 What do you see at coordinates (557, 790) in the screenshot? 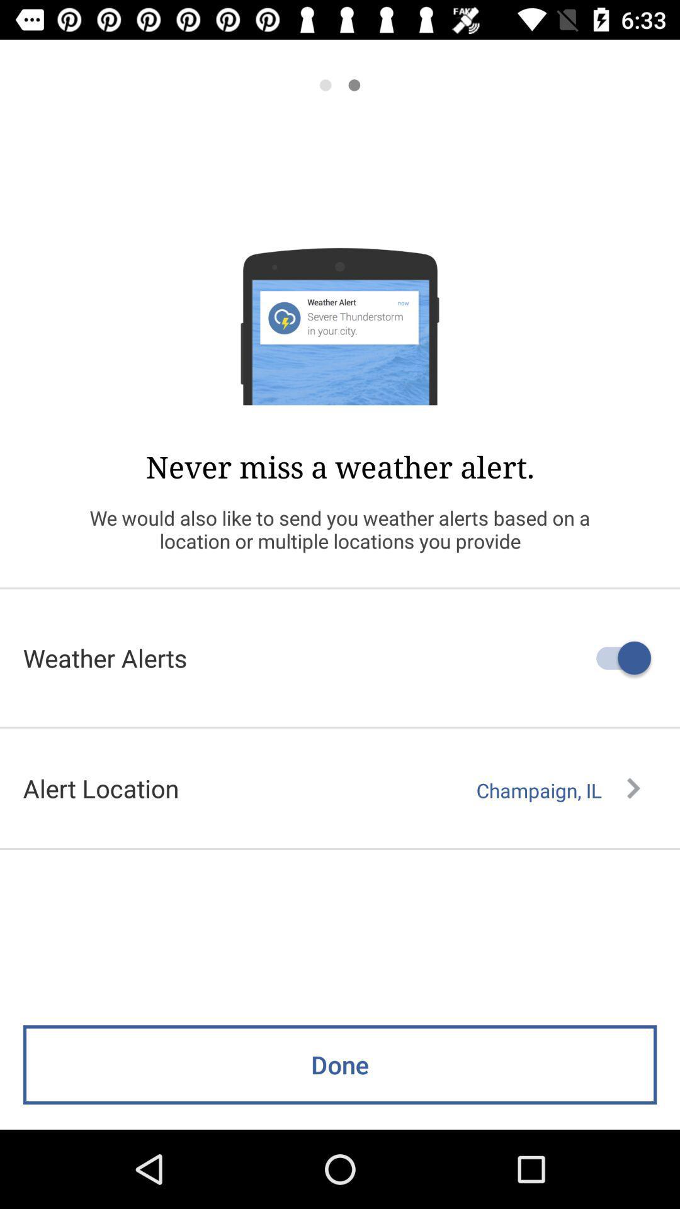
I see `item next to alert location item` at bounding box center [557, 790].